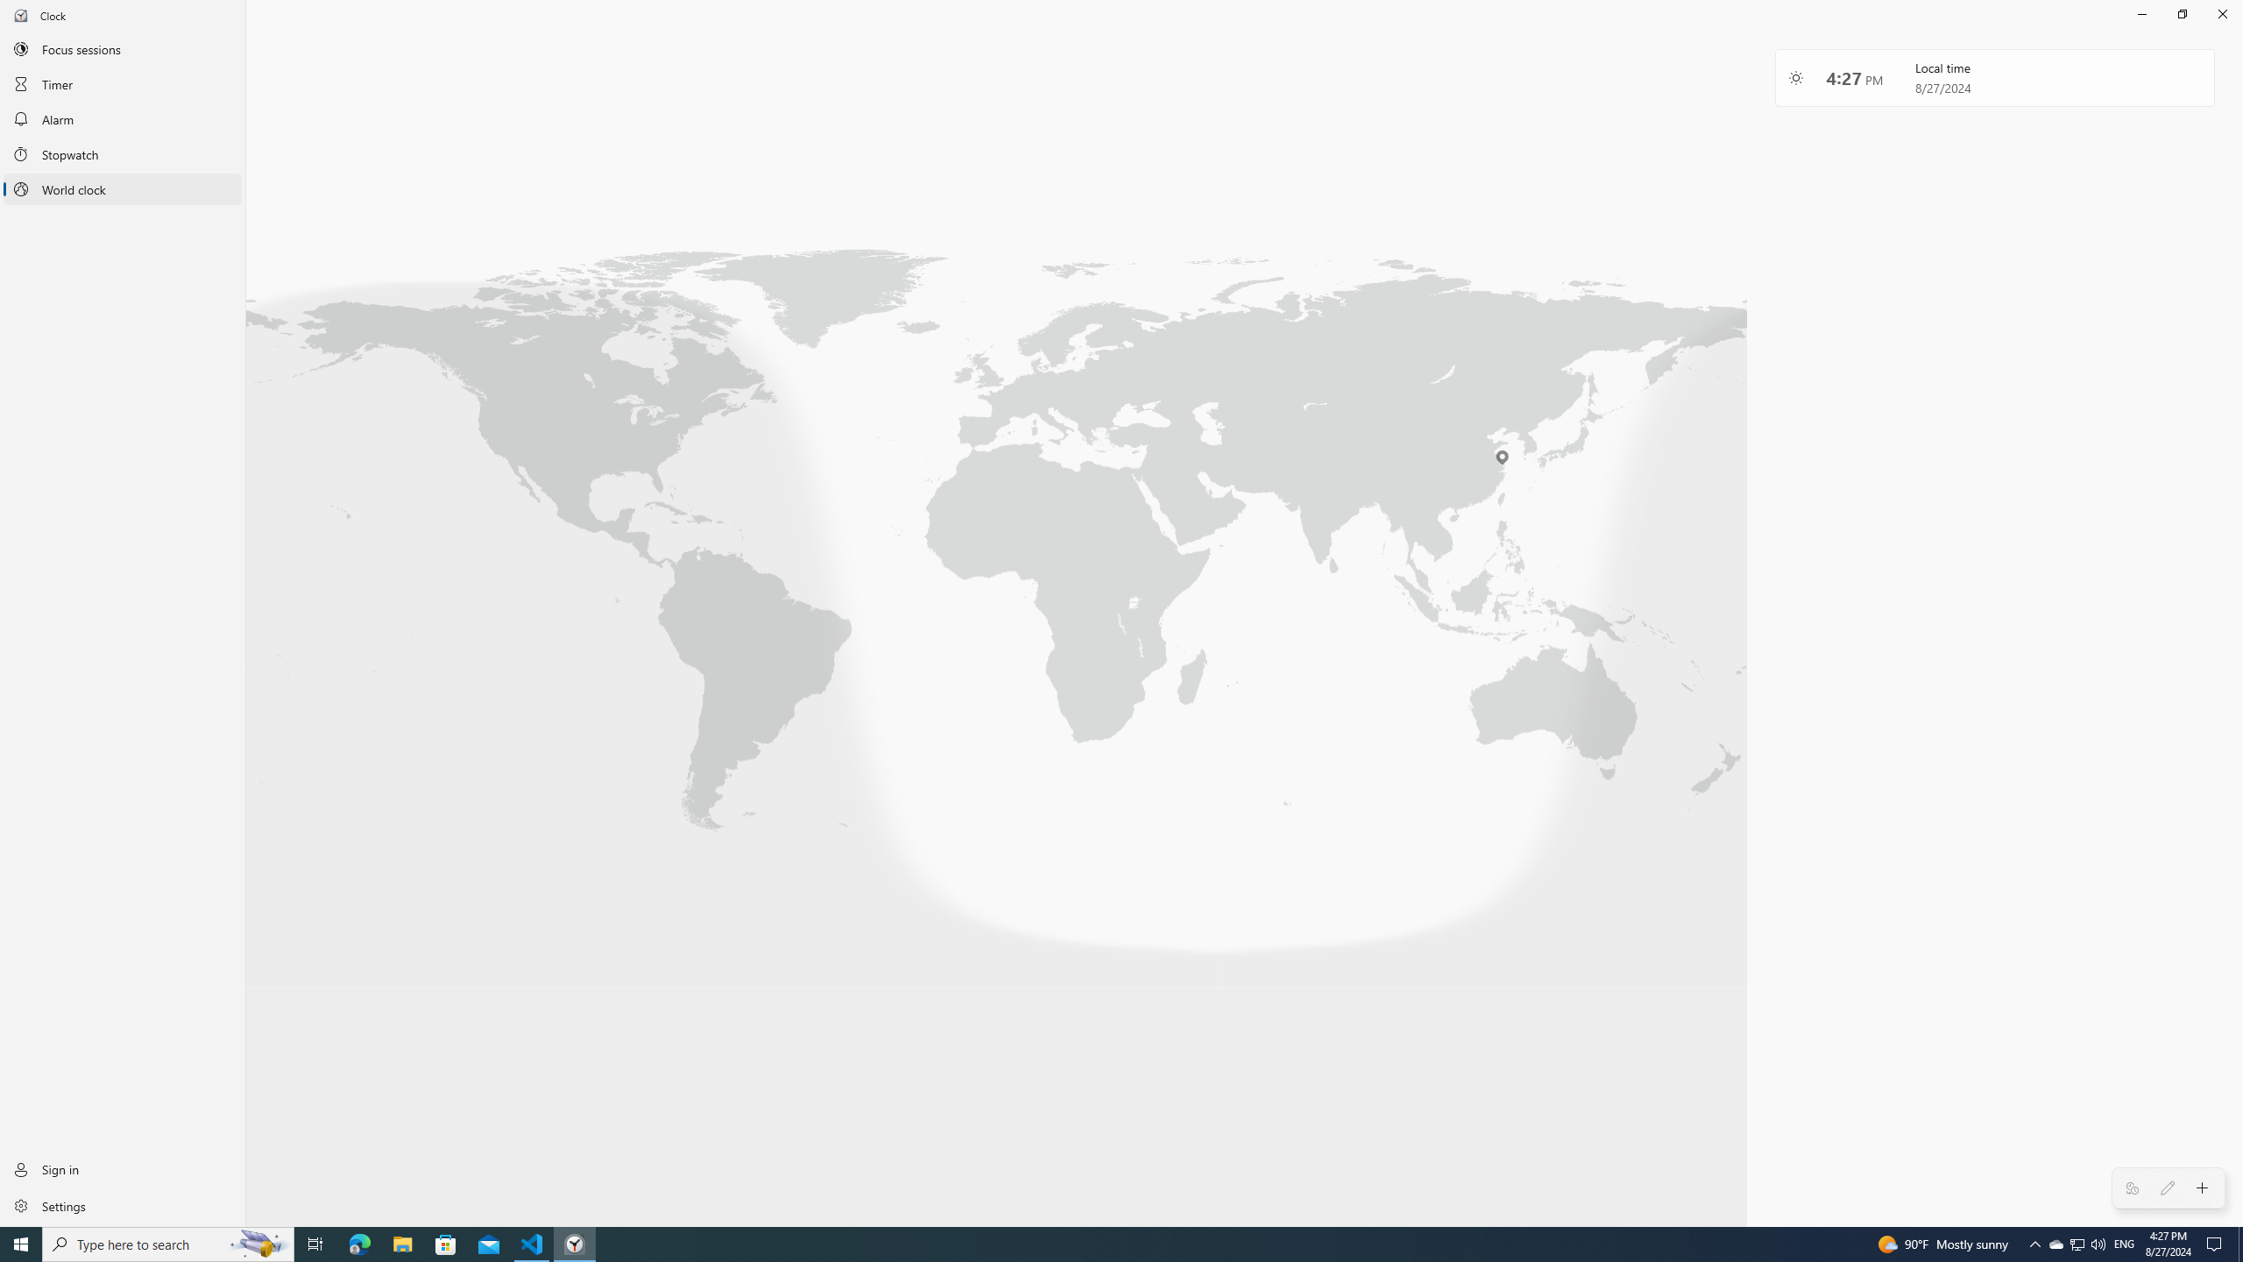 The height and width of the screenshot is (1262, 2243). Describe the element at coordinates (2168, 1188) in the screenshot. I see `'Edit Clocks'` at that location.